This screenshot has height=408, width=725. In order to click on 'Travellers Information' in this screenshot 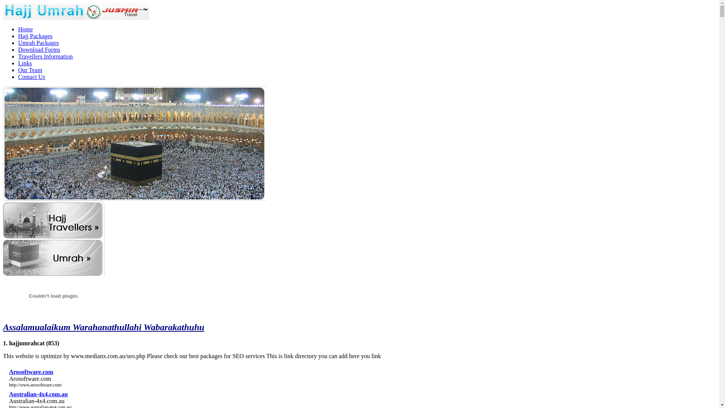, I will do `click(45, 56)`.